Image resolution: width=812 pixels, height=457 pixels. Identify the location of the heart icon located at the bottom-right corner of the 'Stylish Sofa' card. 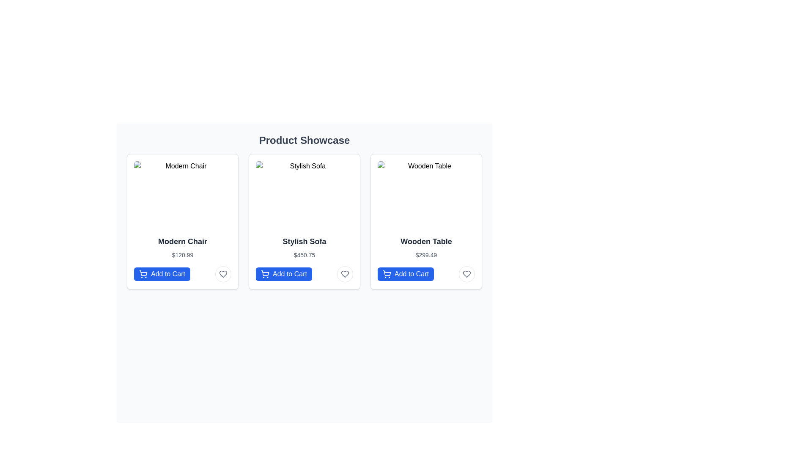
(345, 274).